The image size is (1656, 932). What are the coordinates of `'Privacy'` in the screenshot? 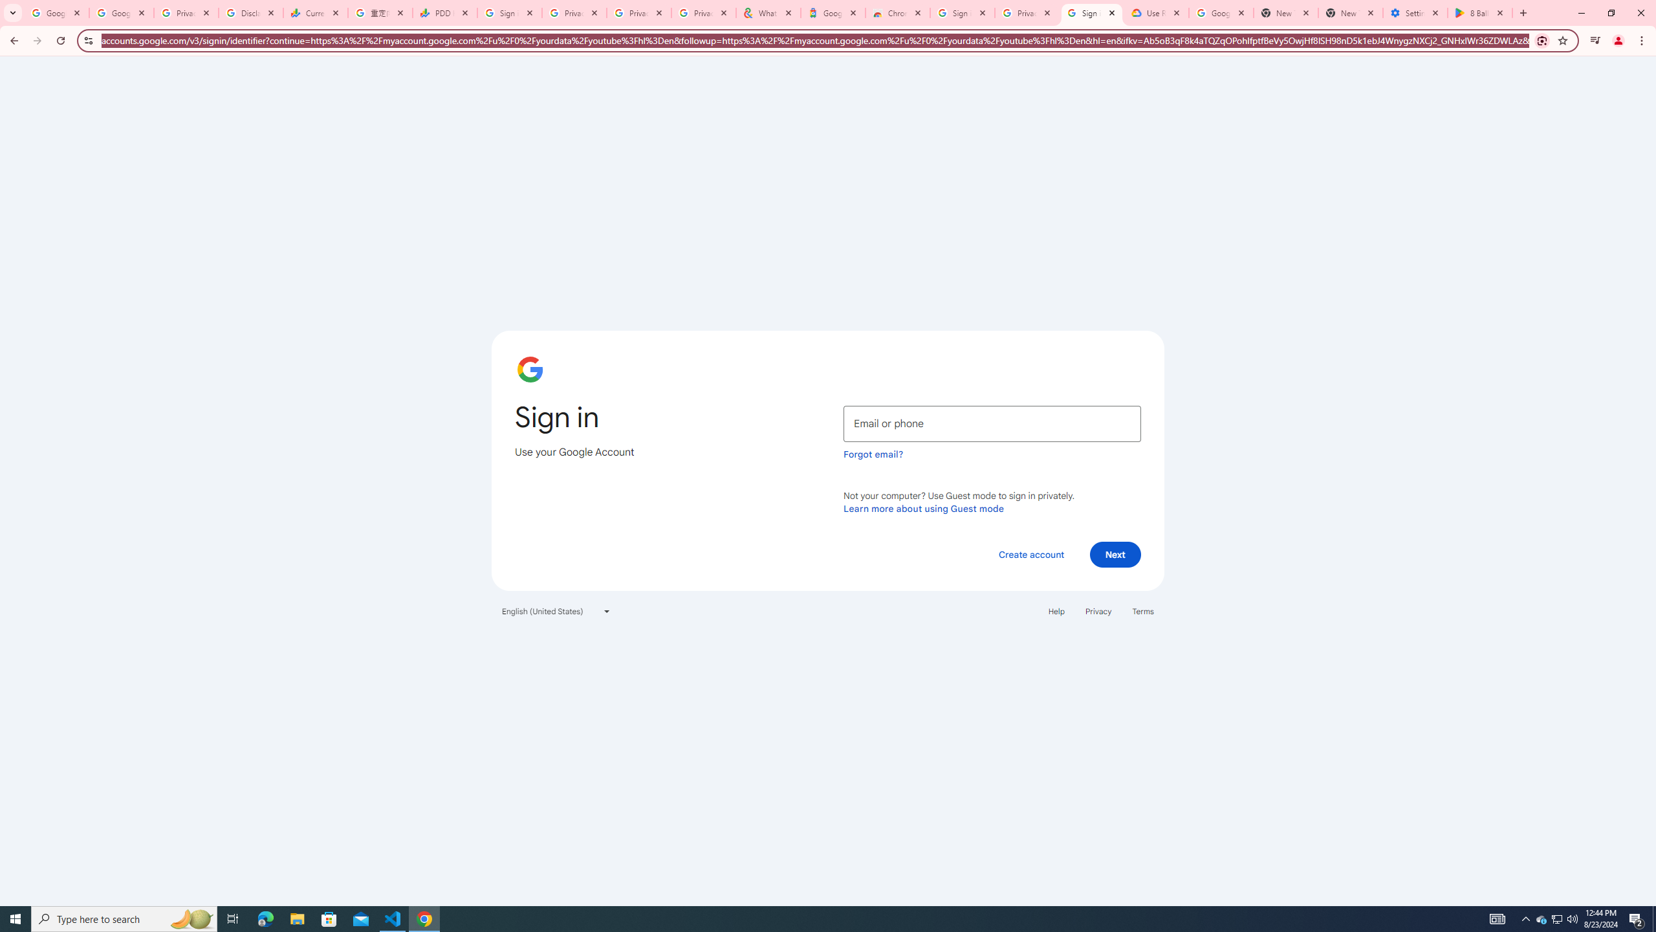 It's located at (1097, 610).